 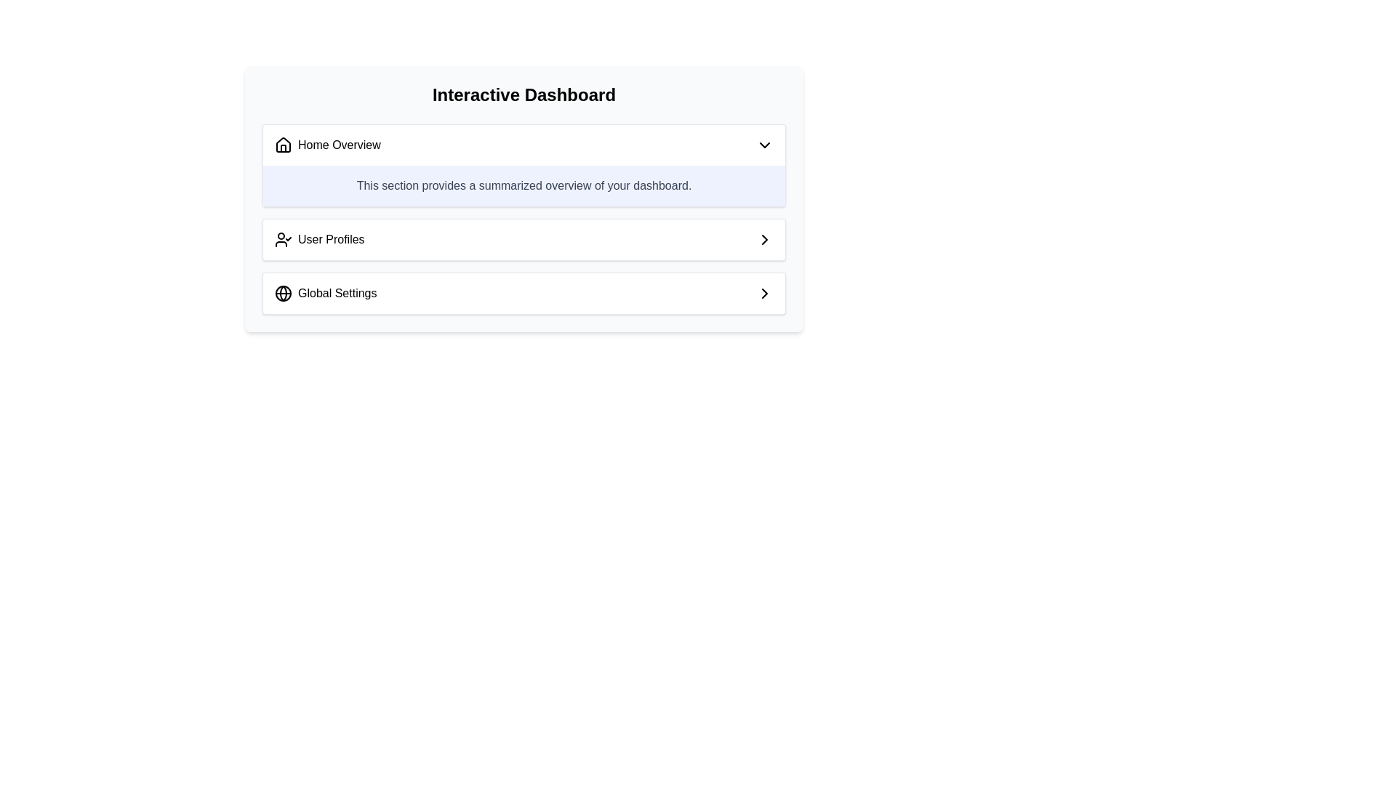 I want to click on the small black triangular chevron icon located in the 'User Profiles' section row, aligned to the right side, to trigger a tooltip or effect, so click(x=763, y=239).